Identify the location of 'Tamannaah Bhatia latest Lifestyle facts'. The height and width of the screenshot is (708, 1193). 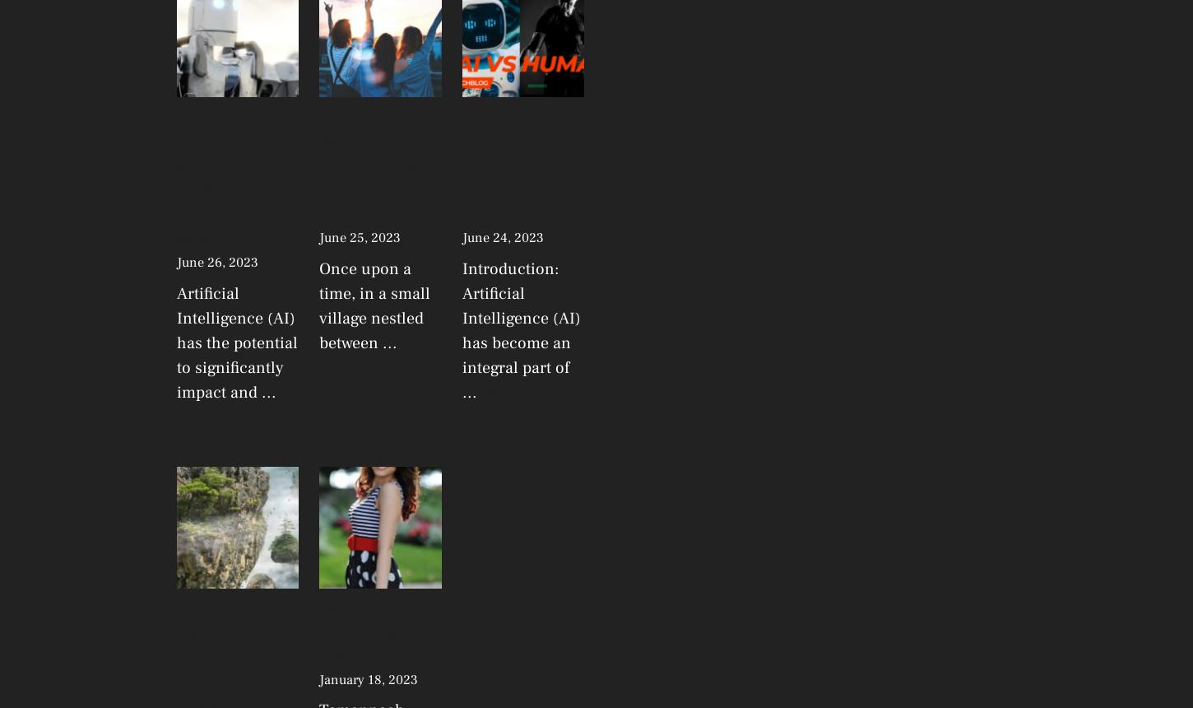
(368, 633).